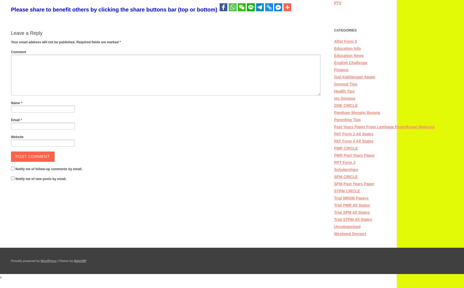  Describe the element at coordinates (344, 91) in the screenshot. I see `'Health Tips'` at that location.